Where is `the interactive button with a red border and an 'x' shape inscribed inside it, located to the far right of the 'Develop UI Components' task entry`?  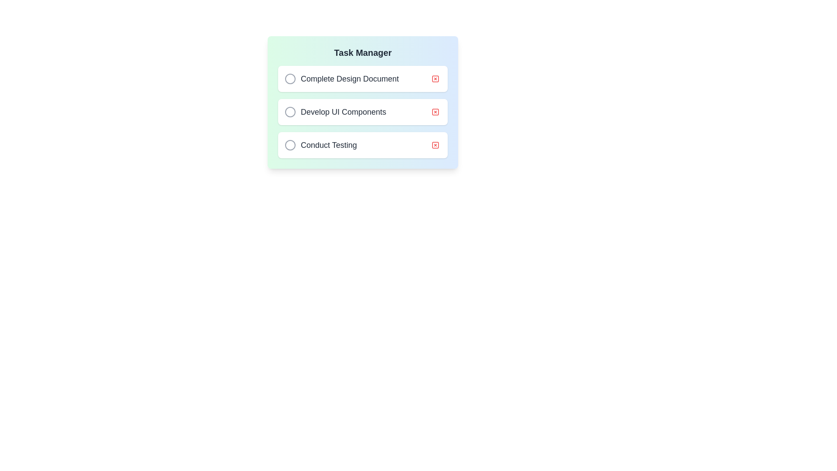
the interactive button with a red border and an 'x' shape inscribed inside it, located to the far right of the 'Develop UI Components' task entry is located at coordinates (435, 112).